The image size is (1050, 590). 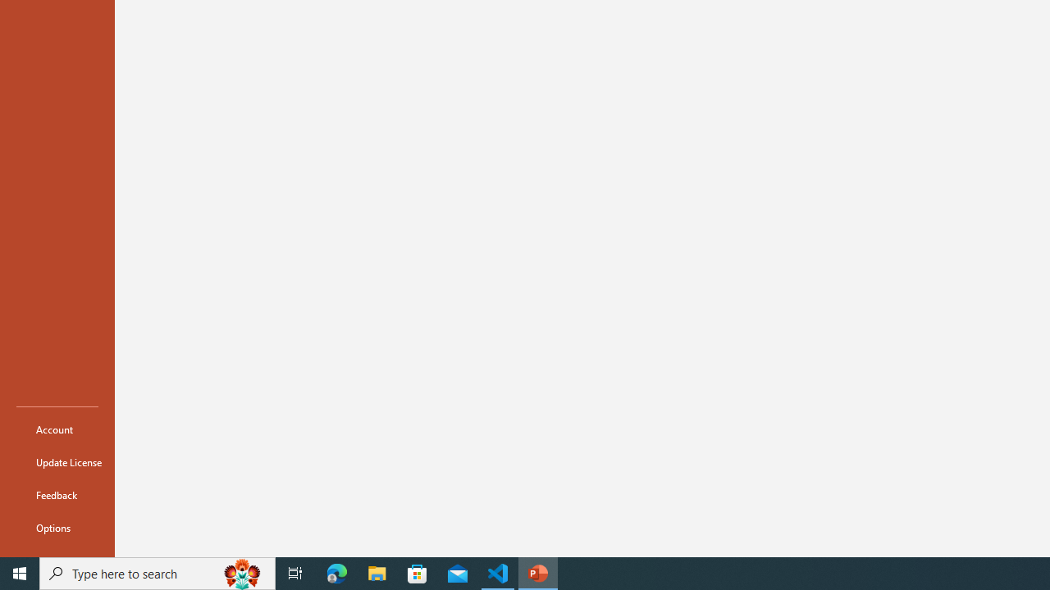 What do you see at coordinates (57, 462) in the screenshot?
I see `'Update License'` at bounding box center [57, 462].